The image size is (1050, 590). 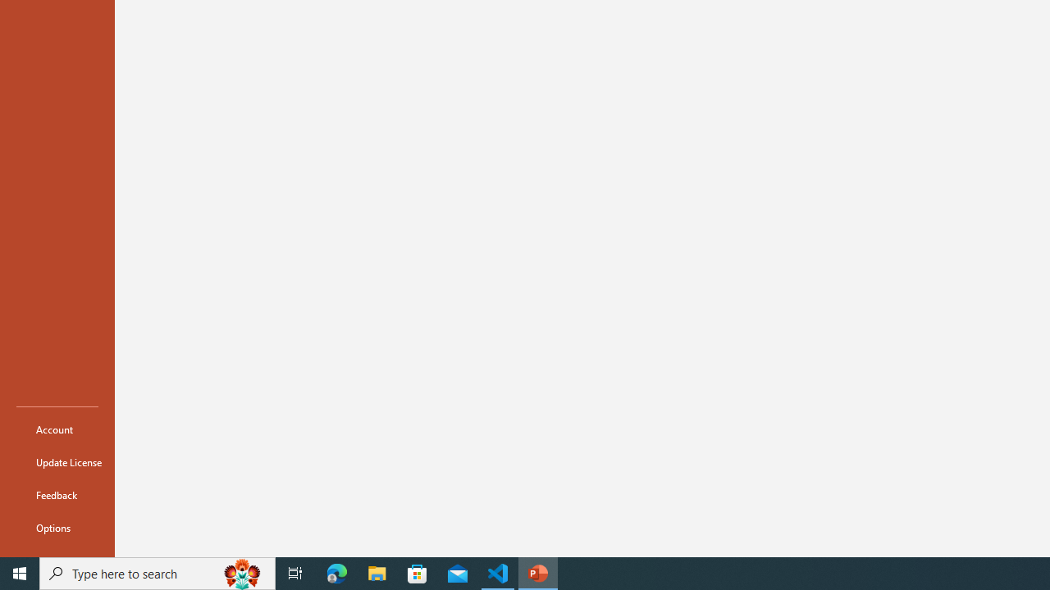 What do you see at coordinates (57, 462) in the screenshot?
I see `'Update License'` at bounding box center [57, 462].